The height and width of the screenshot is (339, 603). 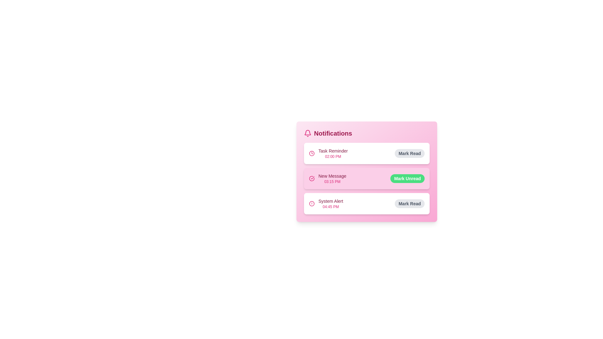 I want to click on 'Mark Read' button for the 'Task Reminder' notification, so click(x=410, y=153).